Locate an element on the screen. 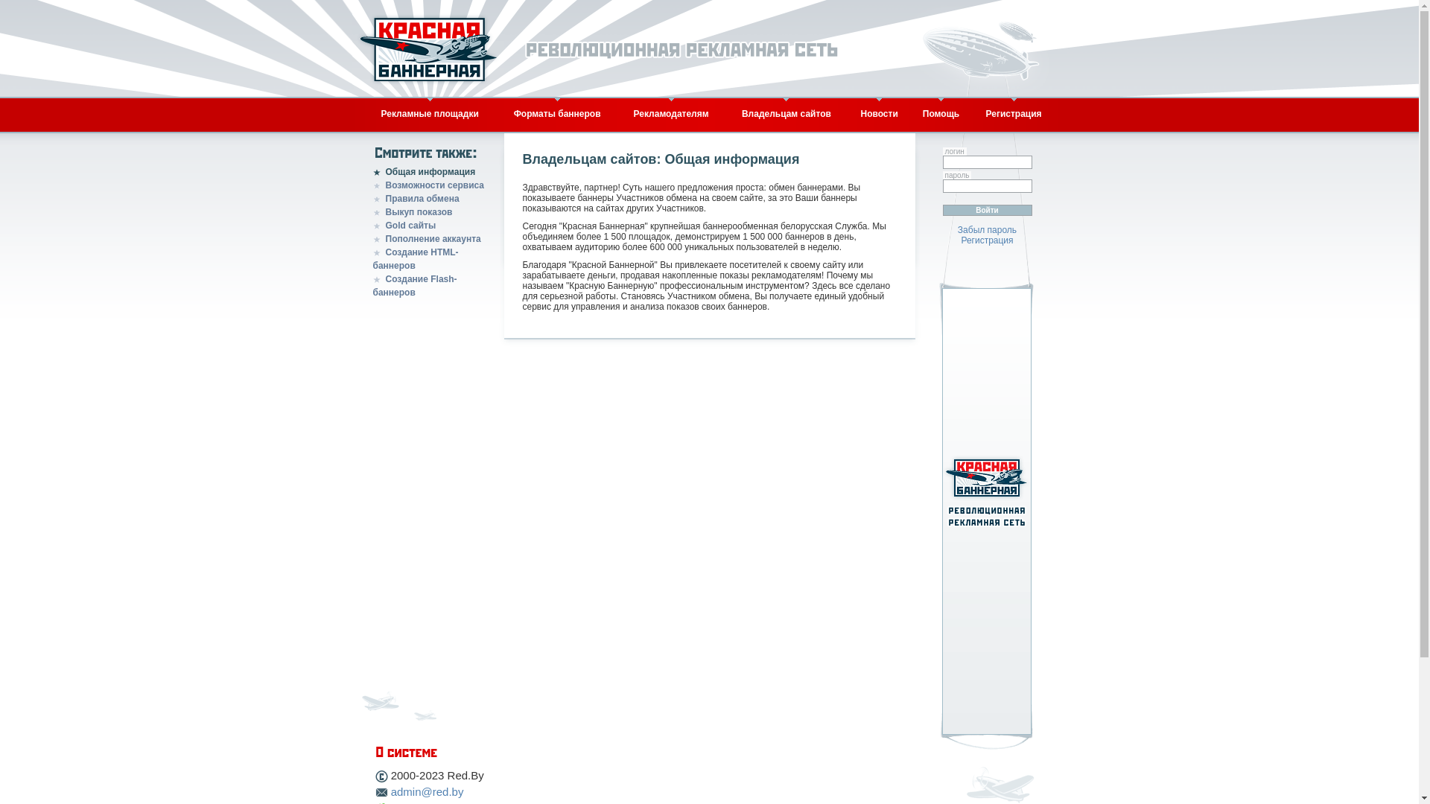 This screenshot has height=804, width=1430. 'admin@red.by' is located at coordinates (427, 791).